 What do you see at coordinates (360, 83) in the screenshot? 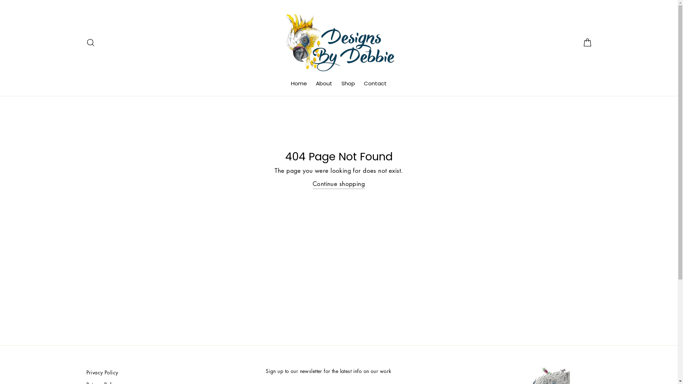
I see `'Contact'` at bounding box center [360, 83].